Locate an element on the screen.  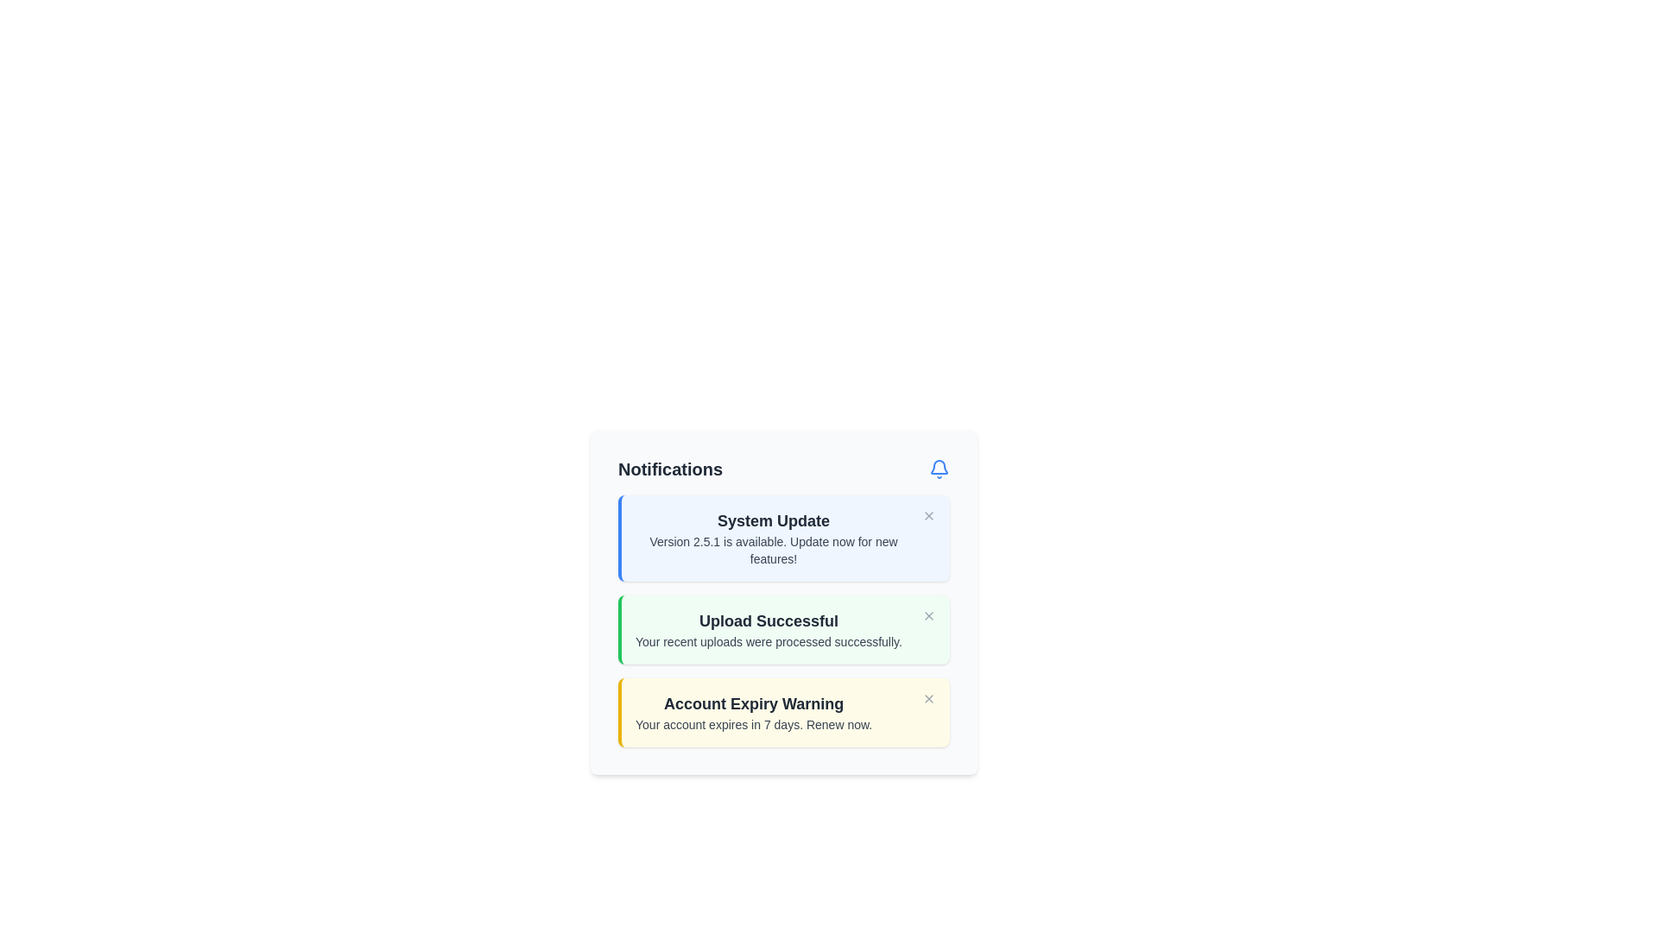
the text label displaying 'System Update', which is styled in large, bold gray font and is located at the top of the notification card is located at coordinates (773, 520).